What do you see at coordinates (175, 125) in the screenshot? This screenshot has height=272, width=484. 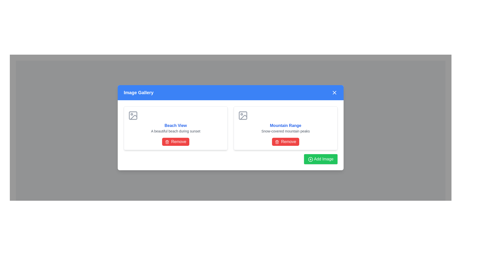 I see `the Text Label that serves as the title for the card, located above the descriptive text and below the image in the image gallery` at bounding box center [175, 125].